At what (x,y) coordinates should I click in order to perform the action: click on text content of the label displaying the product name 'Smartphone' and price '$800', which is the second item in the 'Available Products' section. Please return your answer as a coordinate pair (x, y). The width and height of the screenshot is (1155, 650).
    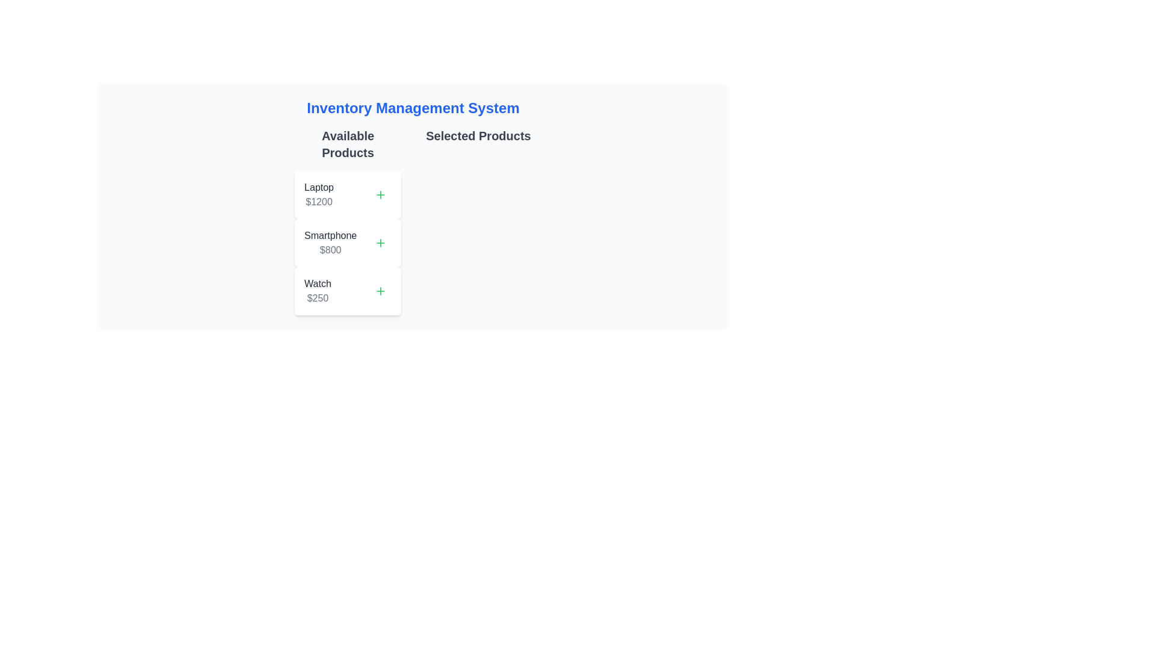
    Looking at the image, I should click on (330, 243).